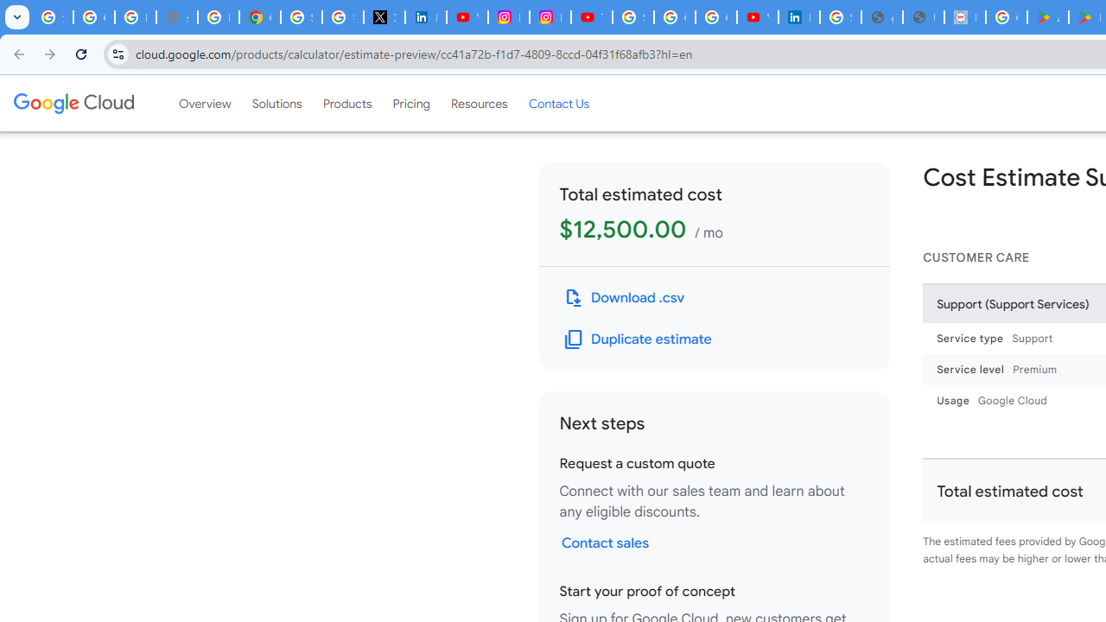 Image resolution: width=1106 pixels, height=622 pixels. What do you see at coordinates (205, 103) in the screenshot?
I see `'Overview'` at bounding box center [205, 103].